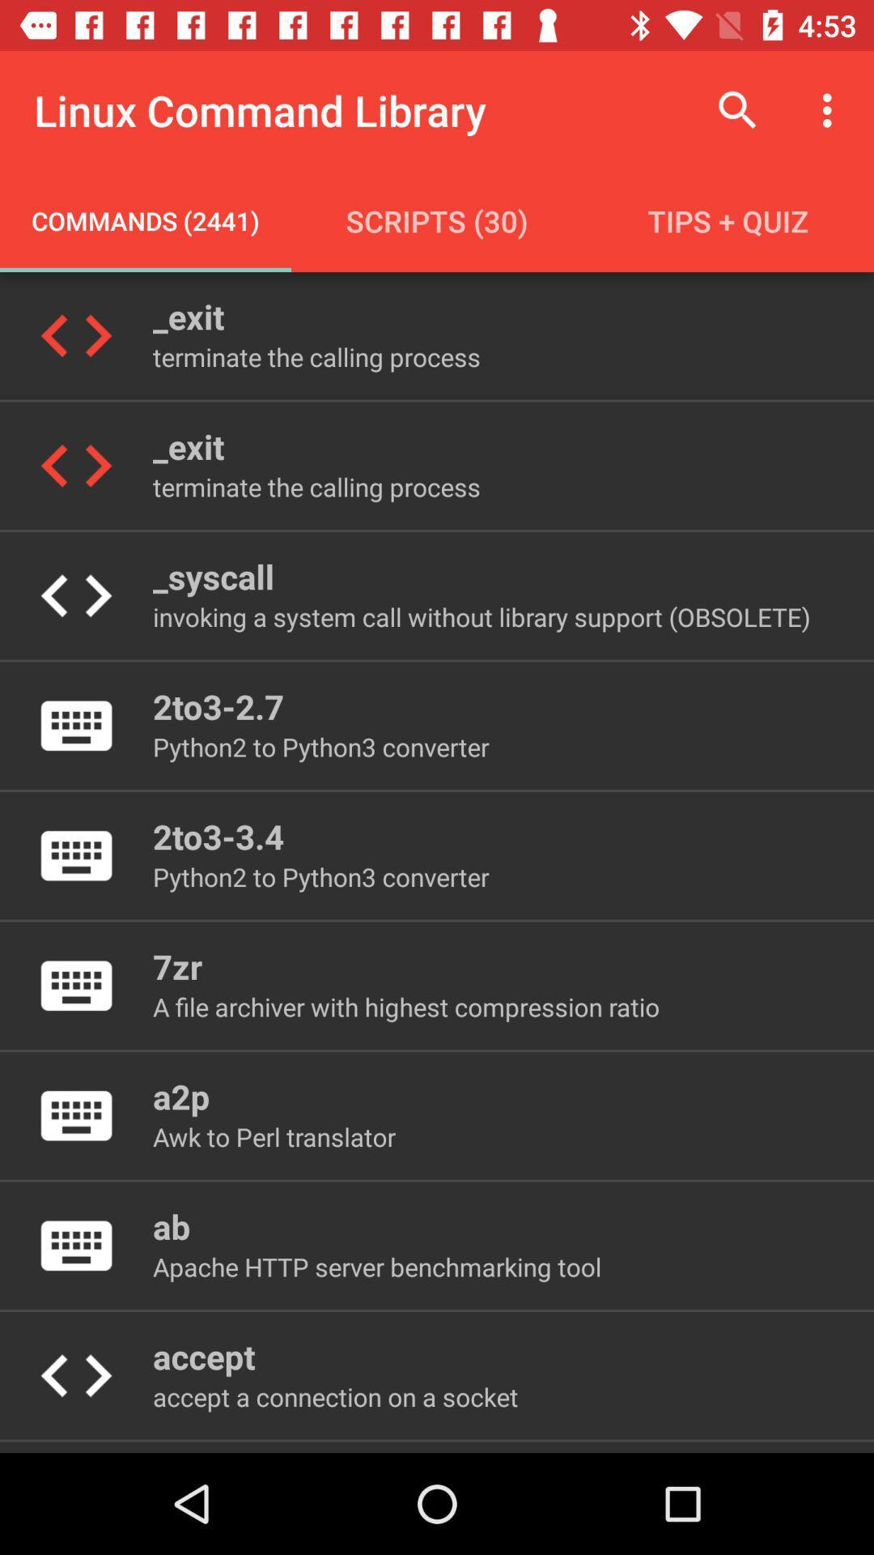 Image resolution: width=874 pixels, height=1555 pixels. I want to click on the item below a2p, so click(274, 1135).